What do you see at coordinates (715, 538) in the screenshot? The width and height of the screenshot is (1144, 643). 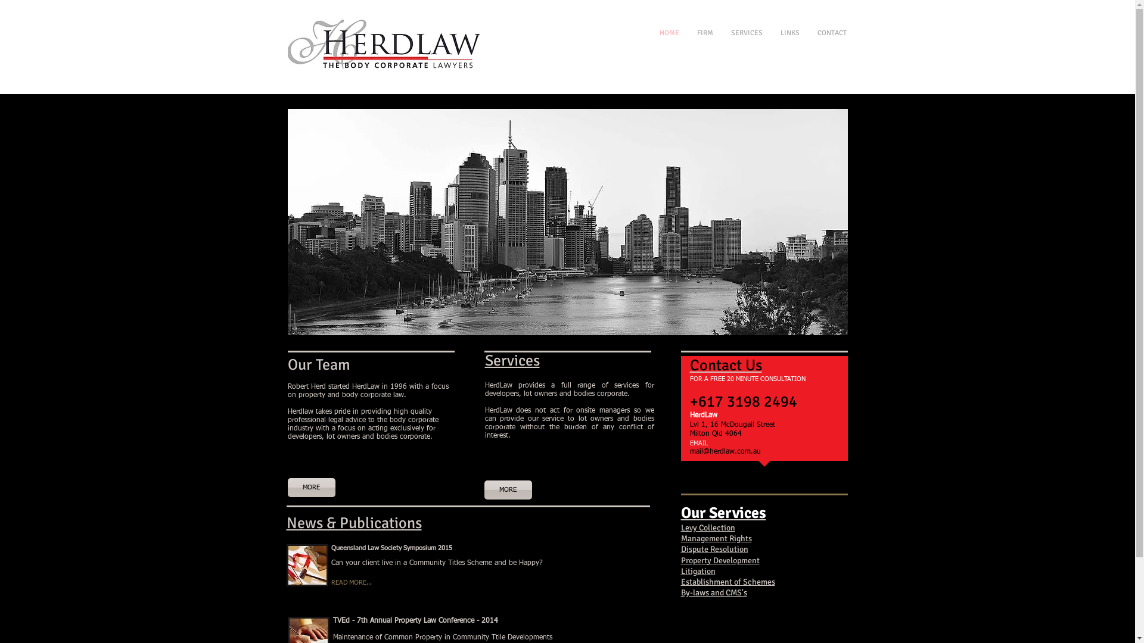 I see `'Management Rights'` at bounding box center [715, 538].